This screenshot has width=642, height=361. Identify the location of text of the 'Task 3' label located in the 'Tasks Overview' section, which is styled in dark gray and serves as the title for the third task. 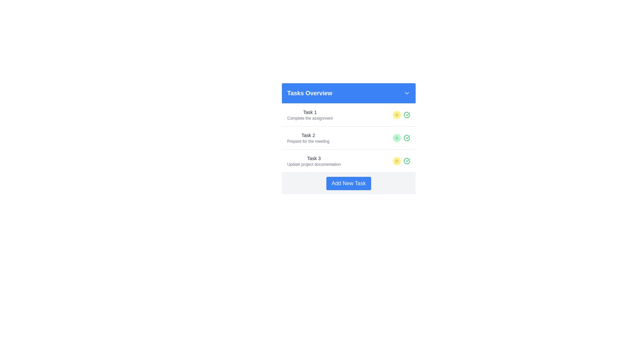
(314, 158).